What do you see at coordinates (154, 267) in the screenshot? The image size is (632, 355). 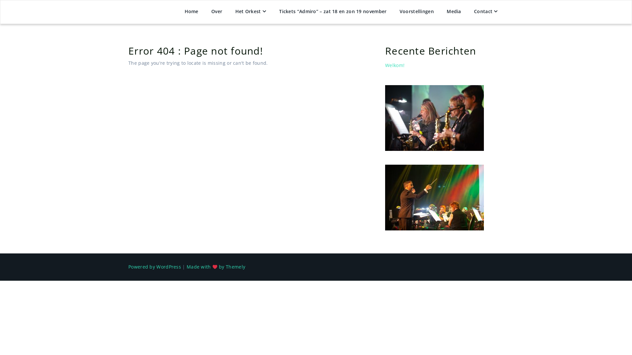 I see `'Powered by WordPress'` at bounding box center [154, 267].